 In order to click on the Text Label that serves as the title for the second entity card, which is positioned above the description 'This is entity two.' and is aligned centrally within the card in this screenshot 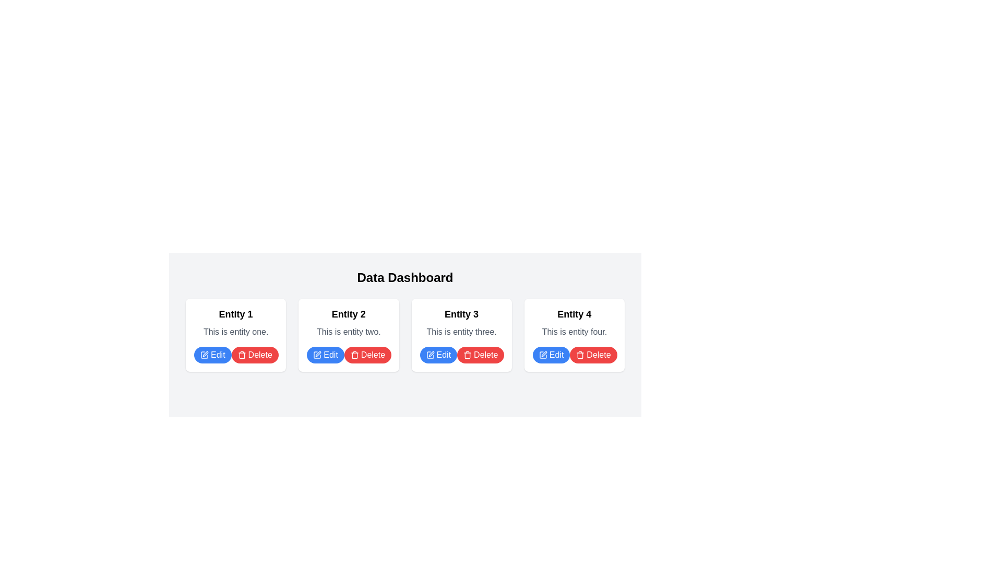, I will do `click(349, 313)`.